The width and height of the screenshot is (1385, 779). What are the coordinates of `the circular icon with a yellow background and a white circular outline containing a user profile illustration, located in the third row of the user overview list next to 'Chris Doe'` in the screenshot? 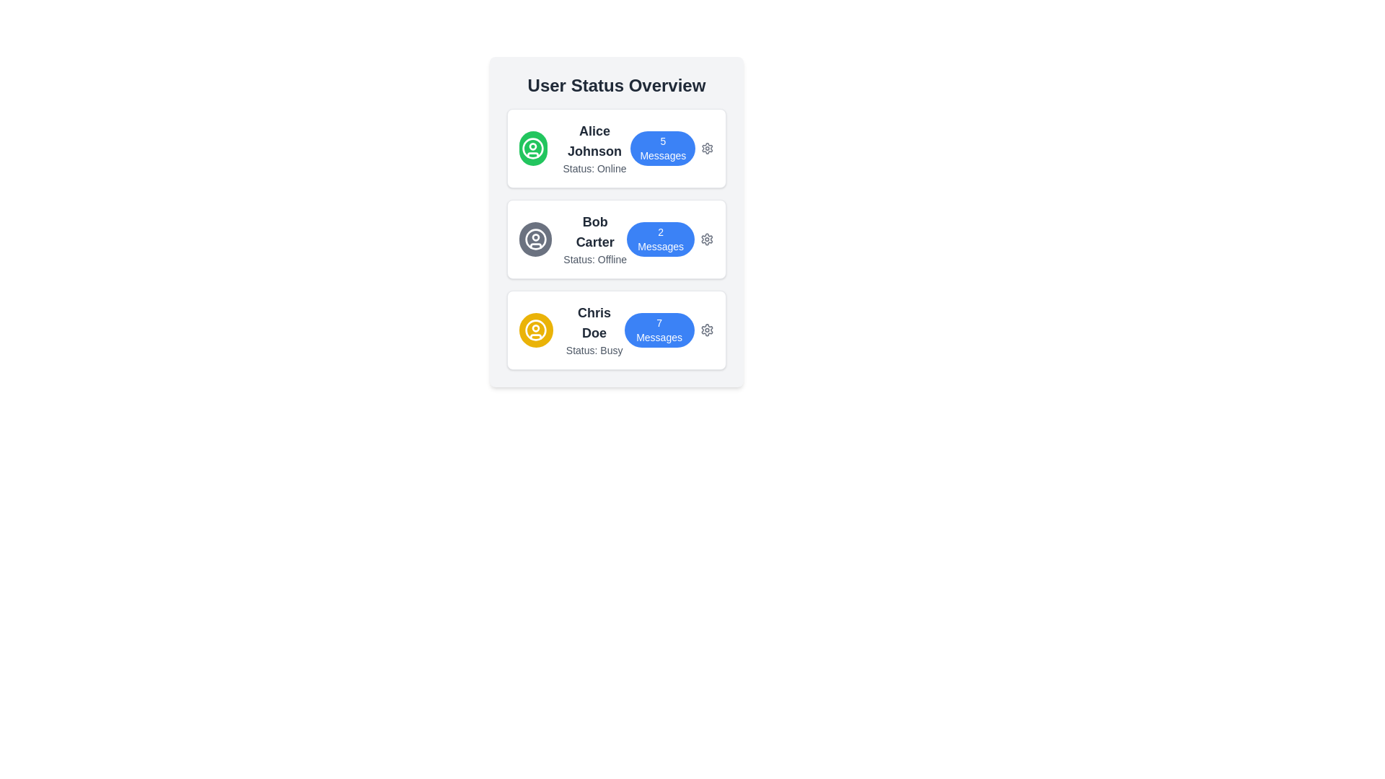 It's located at (535, 330).